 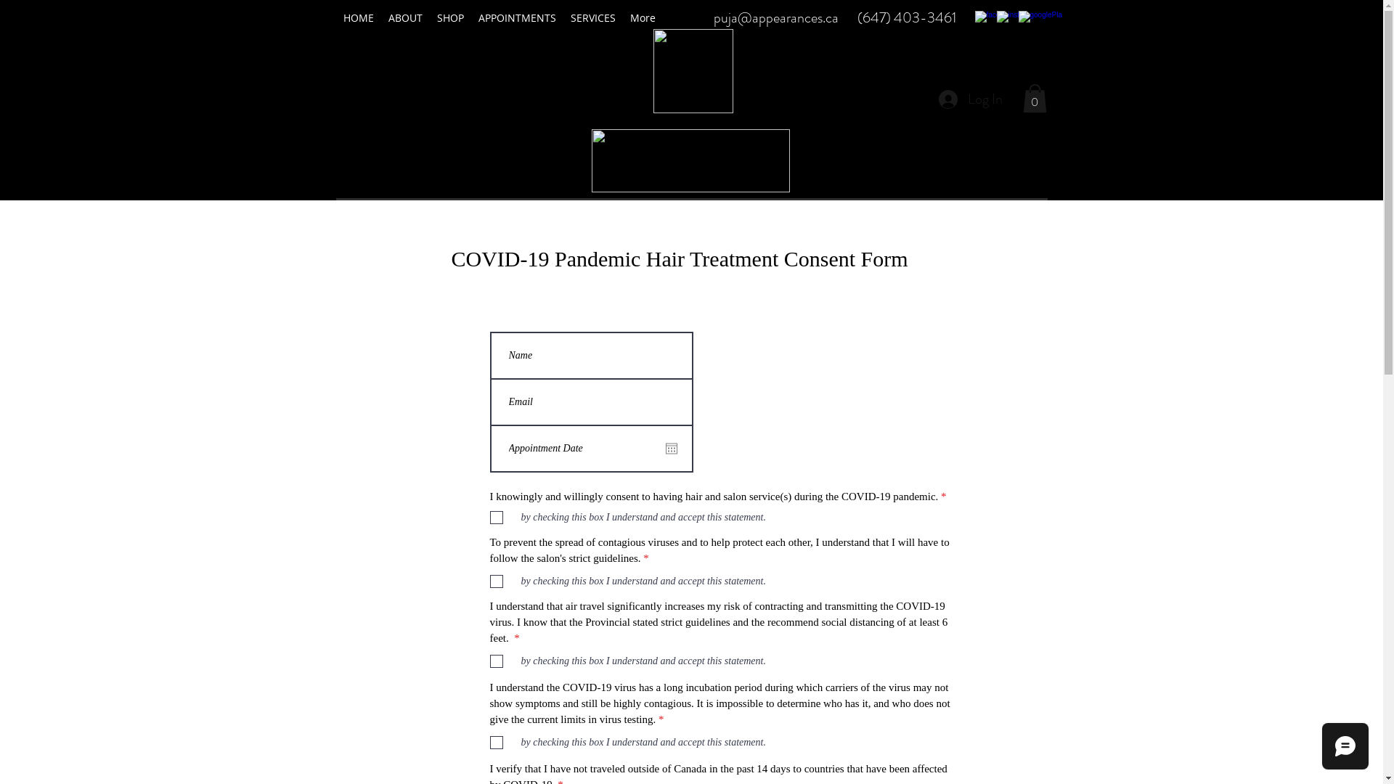 I want to click on 'ABOUT', so click(x=404, y=17).